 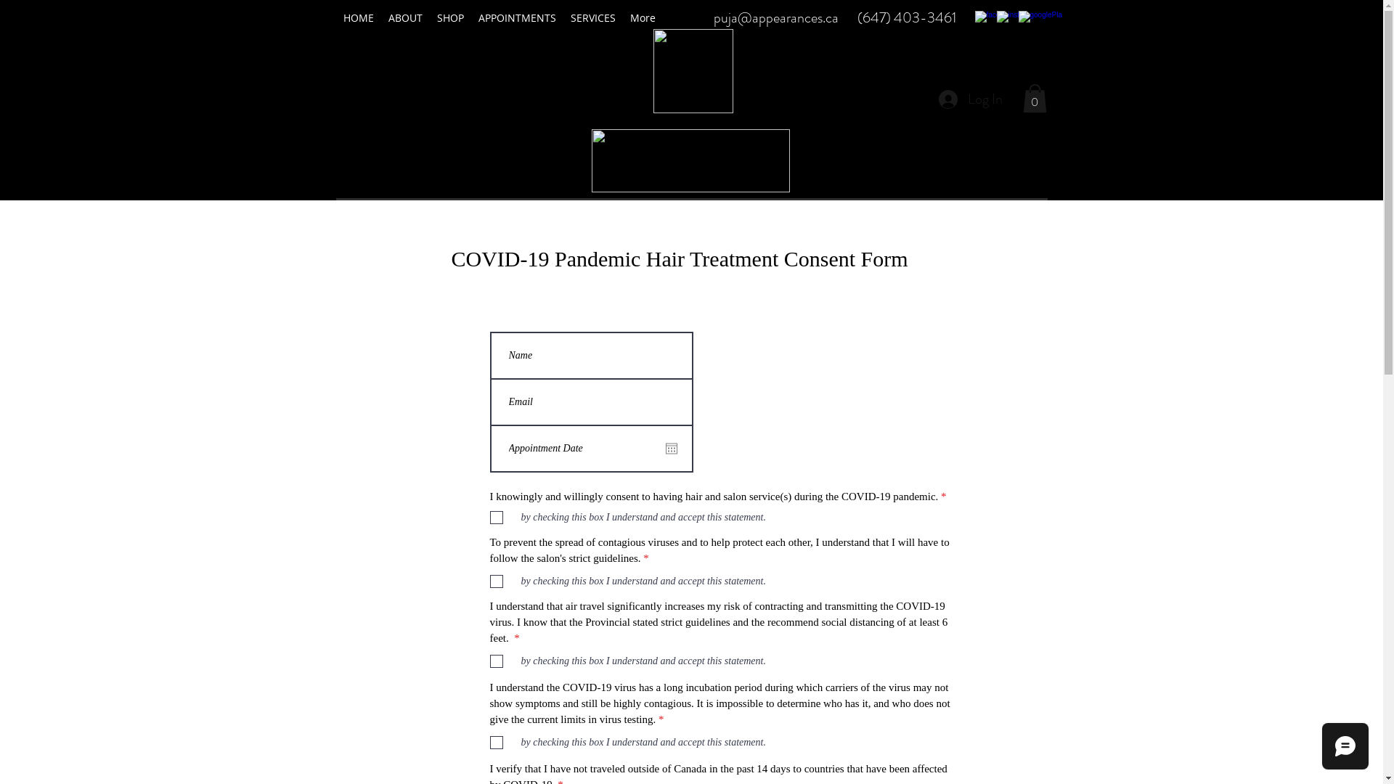 I want to click on 'ABOUT', so click(x=404, y=17).